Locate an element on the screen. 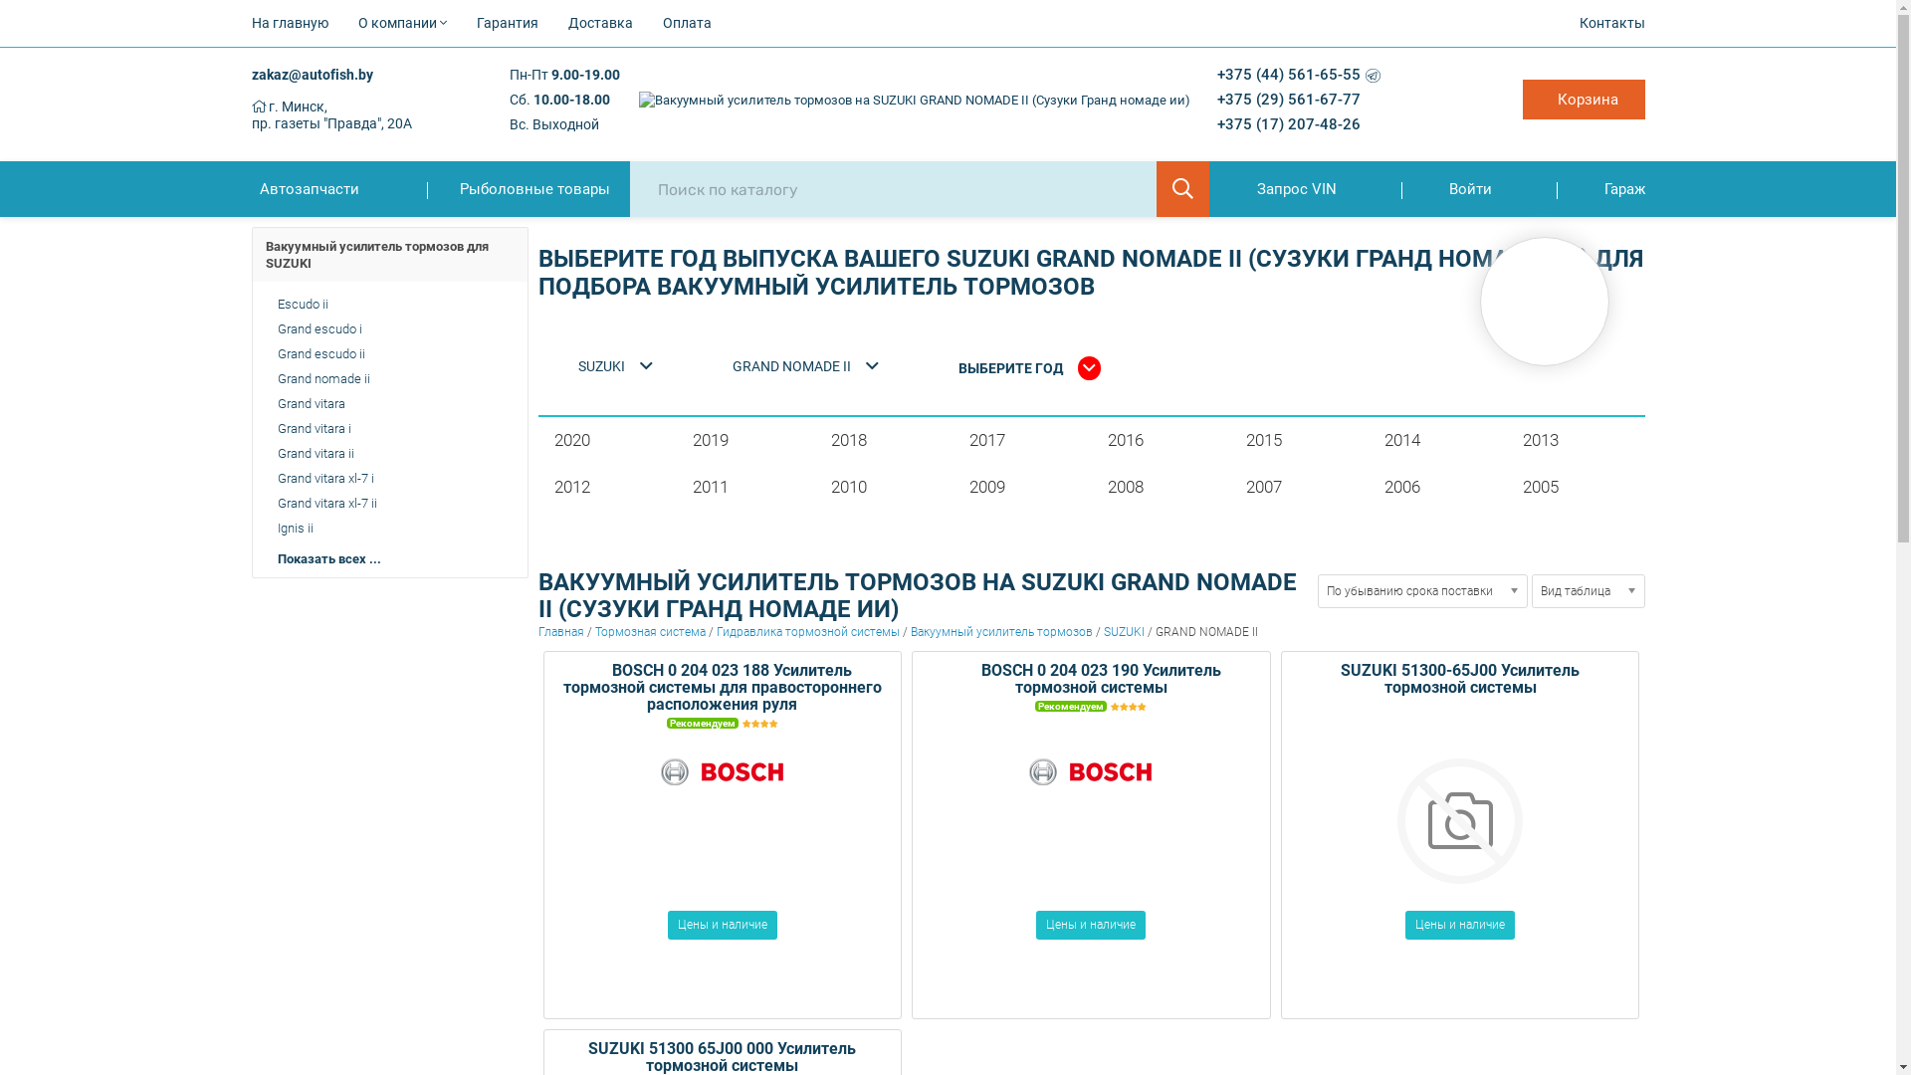  'Grand escudo i' is located at coordinates (388, 327).